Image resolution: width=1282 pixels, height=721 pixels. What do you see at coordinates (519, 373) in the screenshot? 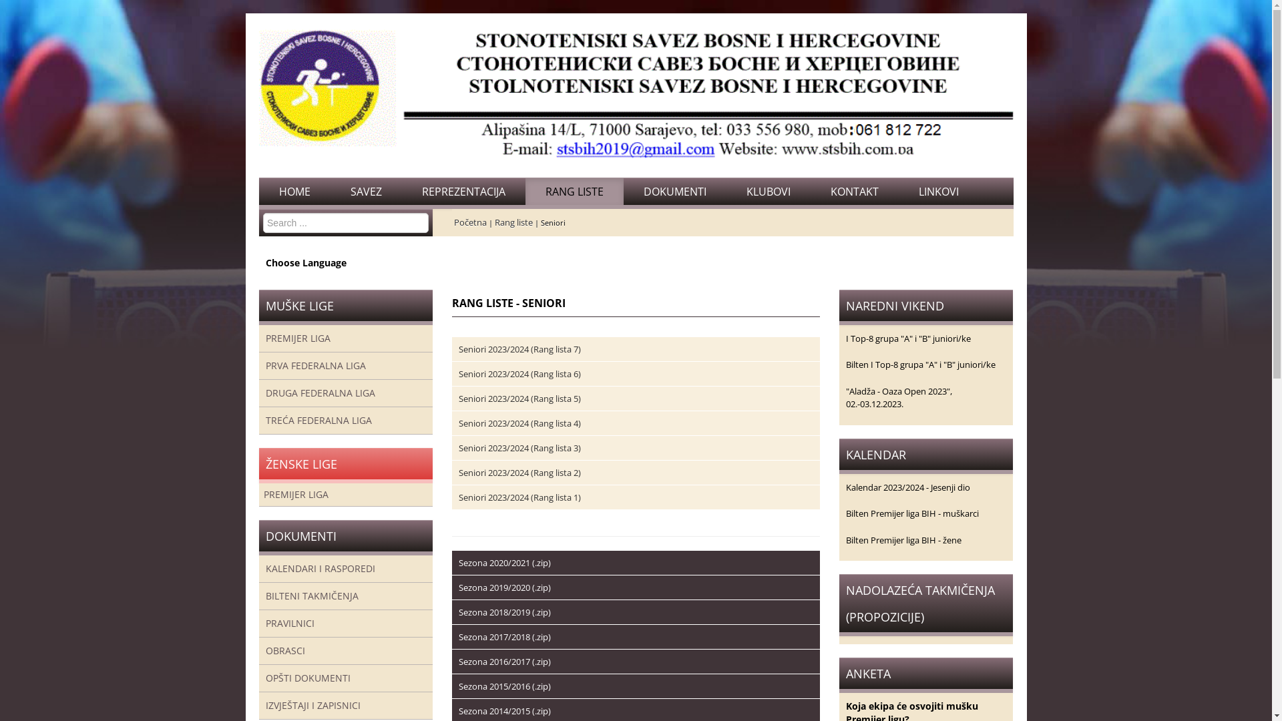
I see `'Seniori 2023/2024 (Rang lista 6)'` at bounding box center [519, 373].